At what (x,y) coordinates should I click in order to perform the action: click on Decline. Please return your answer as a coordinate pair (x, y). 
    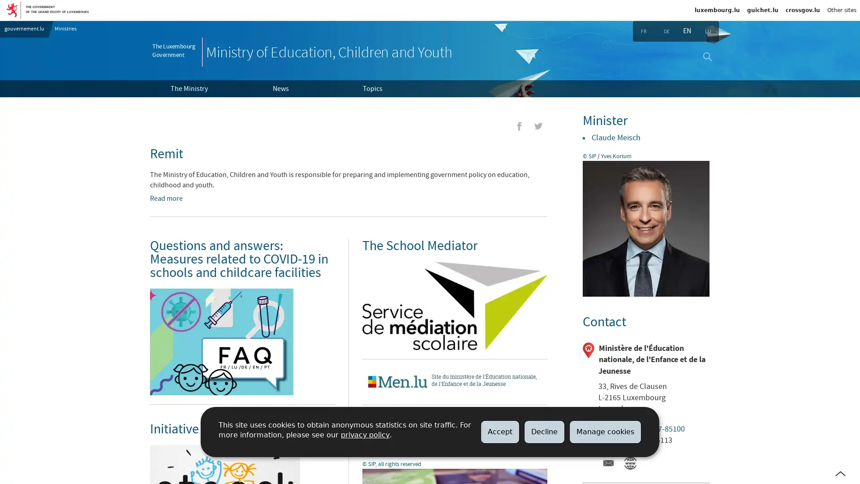
    Looking at the image, I should click on (544, 432).